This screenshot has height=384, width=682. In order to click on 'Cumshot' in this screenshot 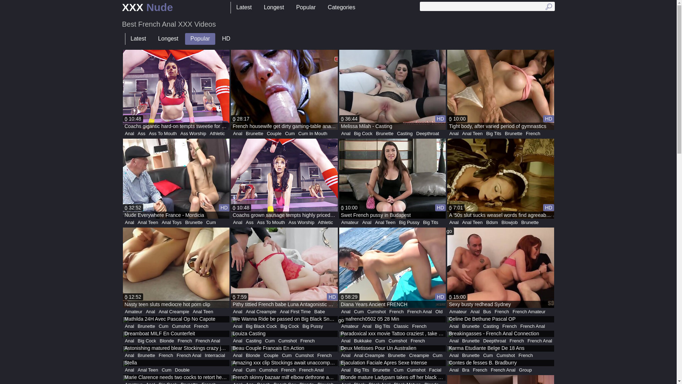, I will do `click(288, 341)`.